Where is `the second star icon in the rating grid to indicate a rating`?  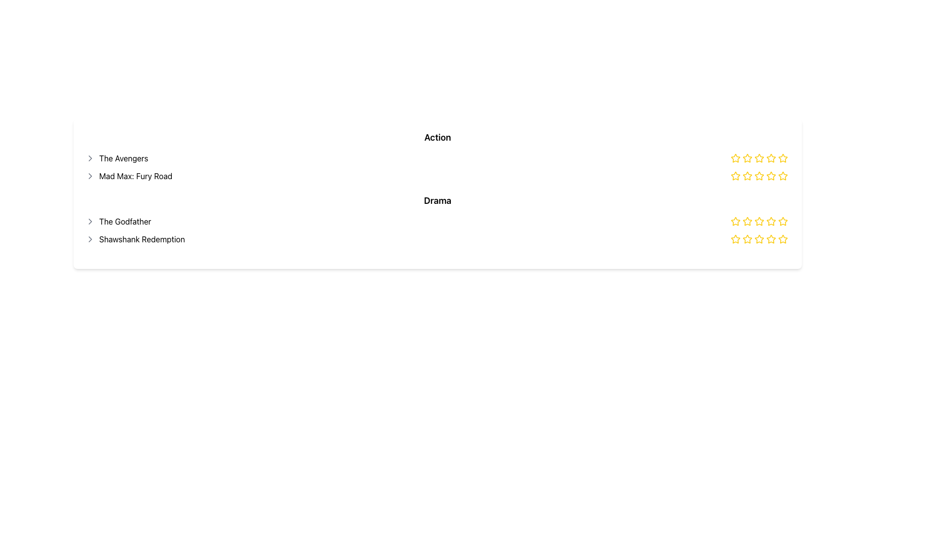
the second star icon in the rating grid to indicate a rating is located at coordinates (747, 176).